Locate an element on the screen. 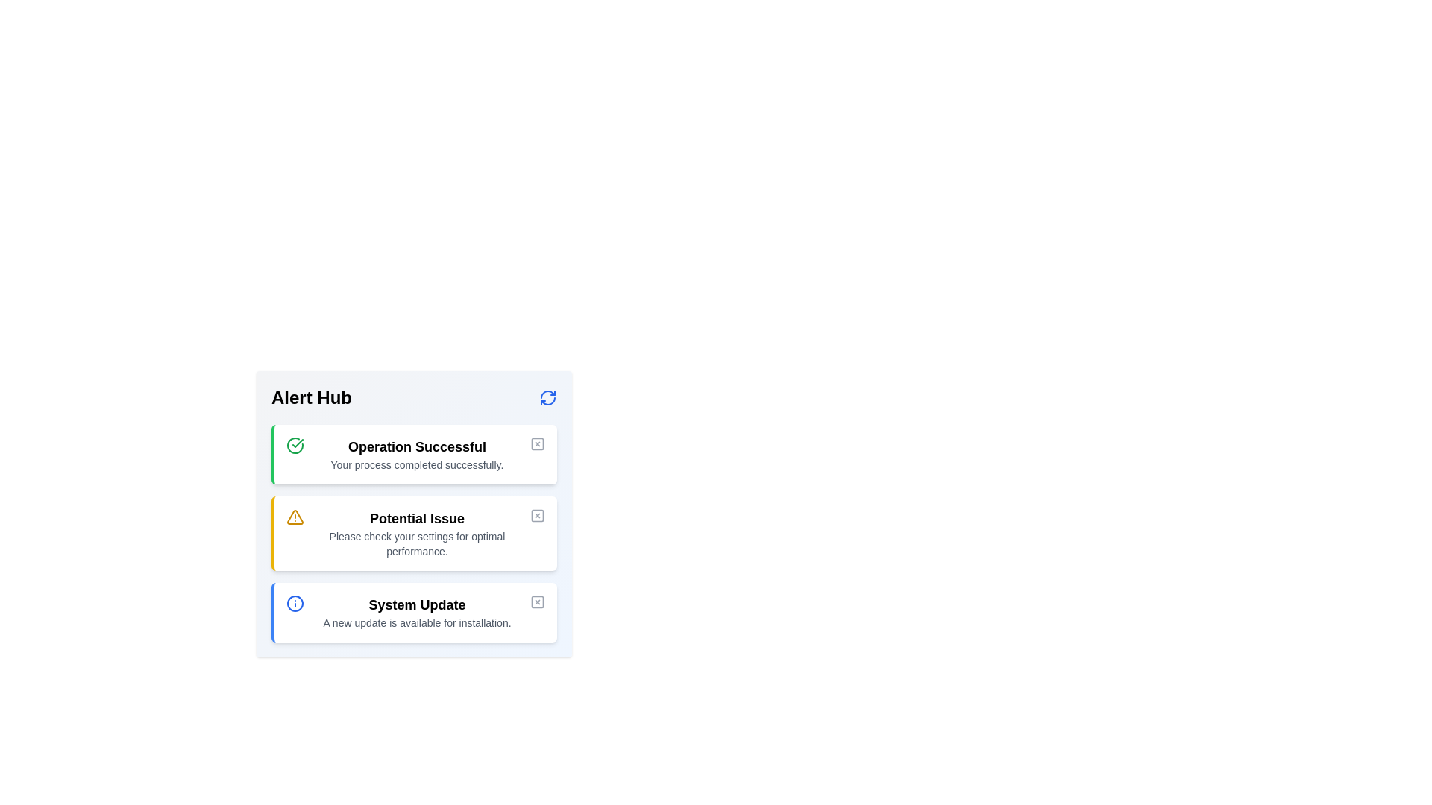  the warning icon located in the second row of the notification list, to the left of the text describing the 'Potential Issue' notification is located at coordinates (295, 517).